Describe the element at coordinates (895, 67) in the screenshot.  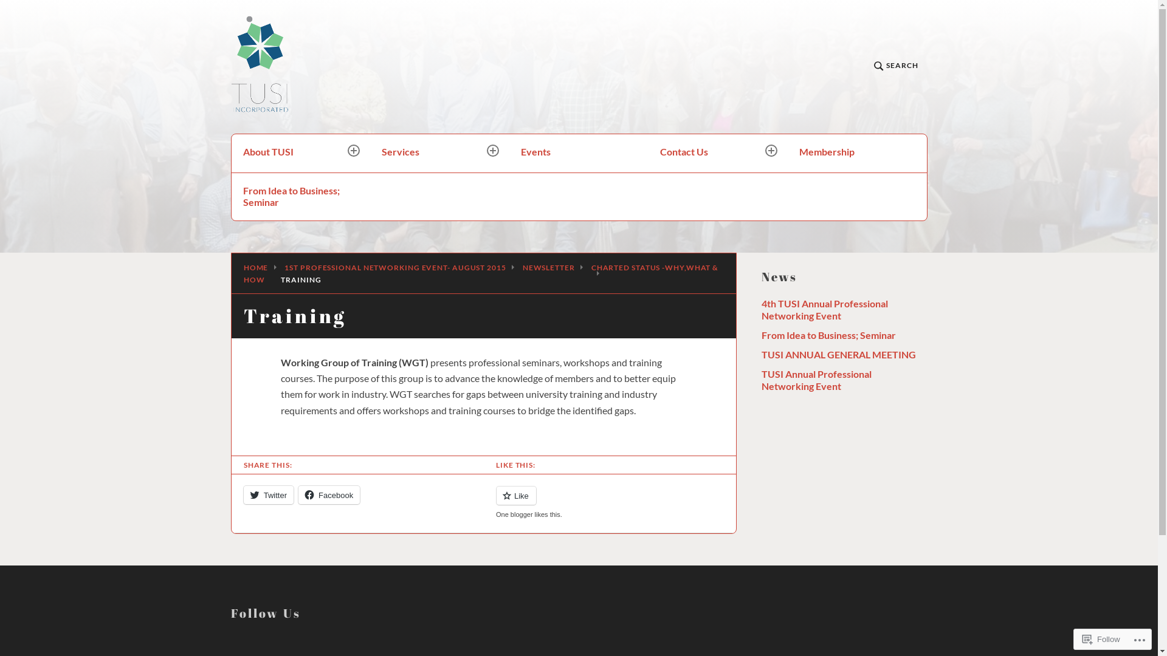
I see `'SEARCH'` at that location.